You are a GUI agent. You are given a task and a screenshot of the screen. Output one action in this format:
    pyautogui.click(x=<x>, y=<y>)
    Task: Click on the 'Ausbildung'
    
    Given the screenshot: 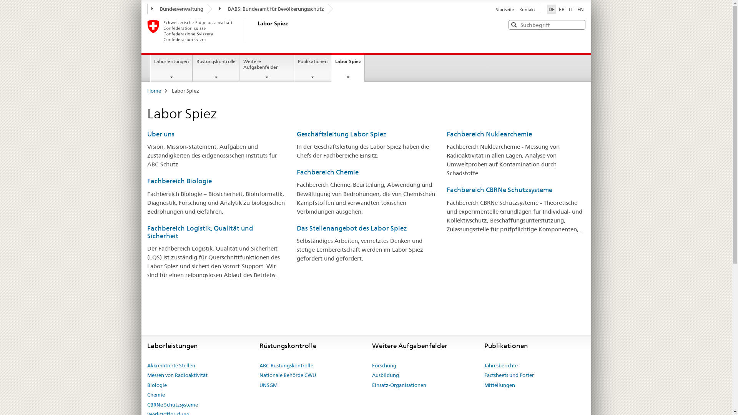 What is the action you would take?
    pyautogui.click(x=386, y=375)
    